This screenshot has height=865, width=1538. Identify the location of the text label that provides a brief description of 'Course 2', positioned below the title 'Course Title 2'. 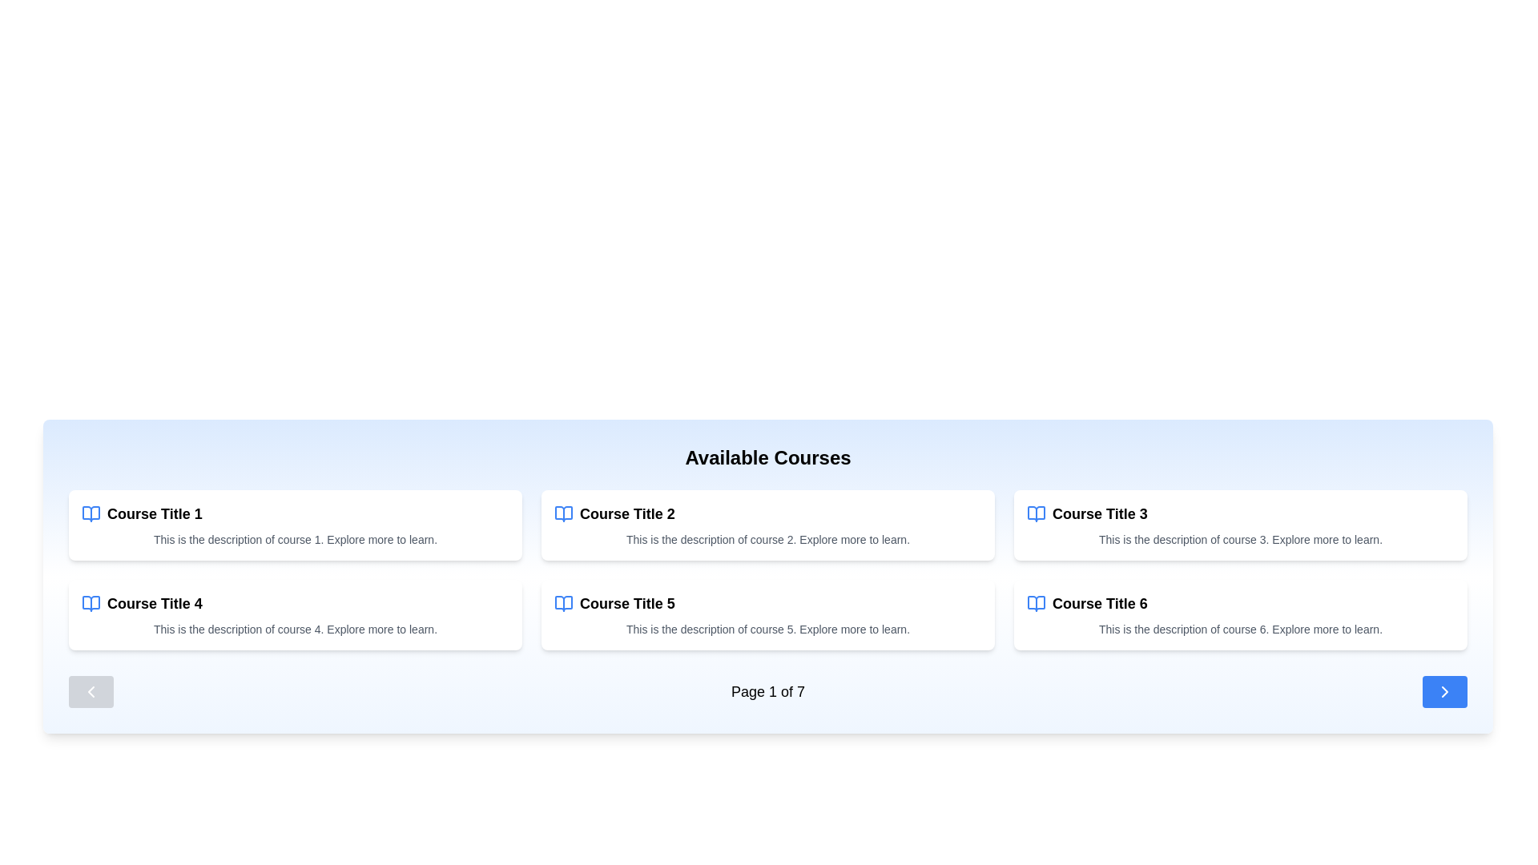
(767, 540).